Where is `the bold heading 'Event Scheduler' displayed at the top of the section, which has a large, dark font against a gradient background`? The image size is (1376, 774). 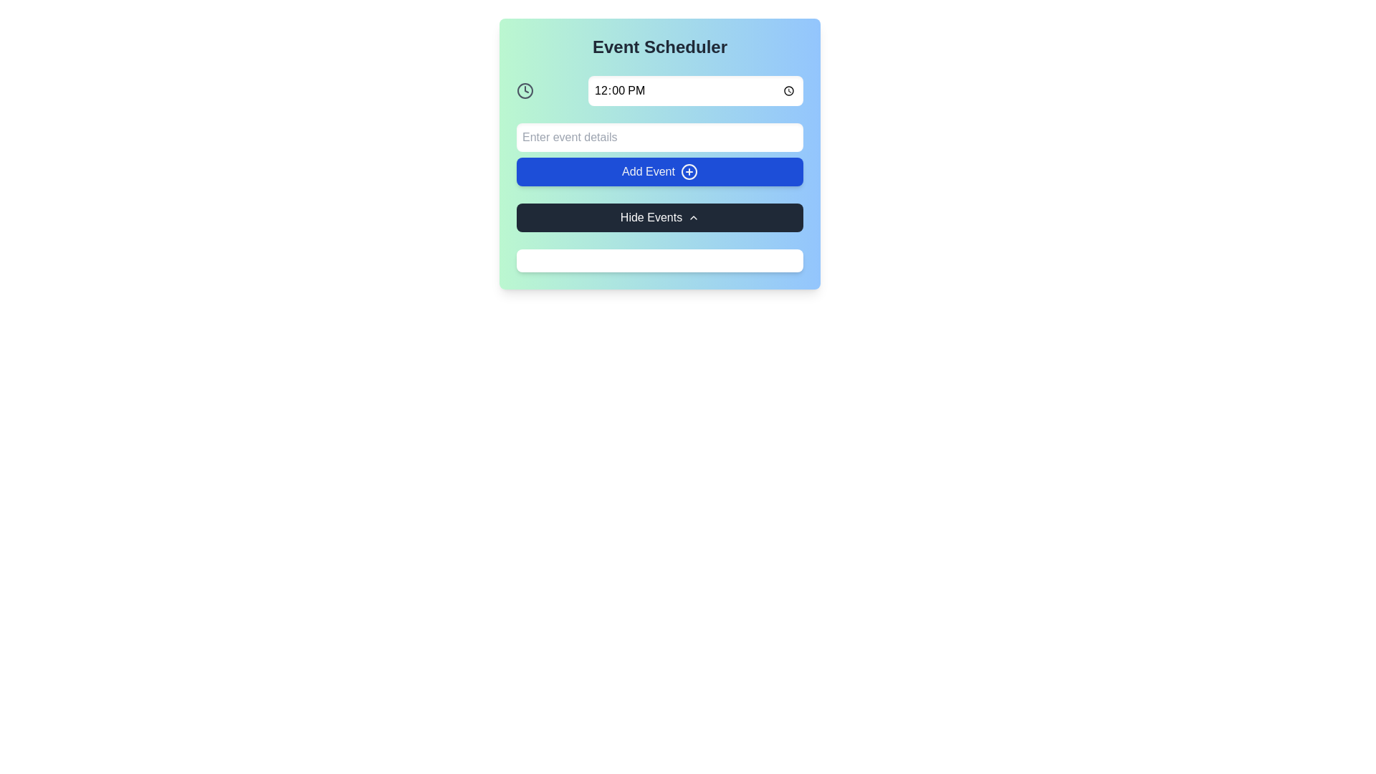
the bold heading 'Event Scheduler' displayed at the top of the section, which has a large, dark font against a gradient background is located at coordinates (659, 46).